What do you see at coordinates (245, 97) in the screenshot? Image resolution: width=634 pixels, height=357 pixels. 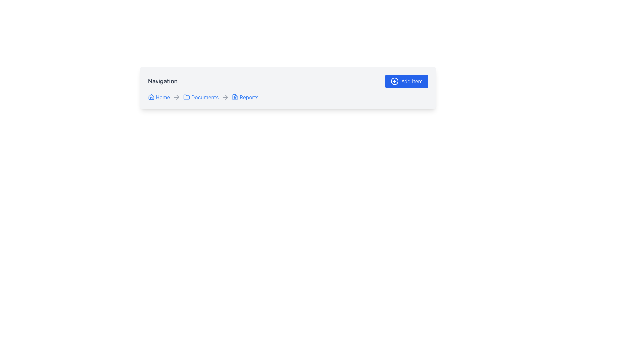 I see `the 'Reports' navigation link, which is the third clickable link in the breadcrumb navigation row, styled with a blue font color and an underline effect when hovered` at bounding box center [245, 97].